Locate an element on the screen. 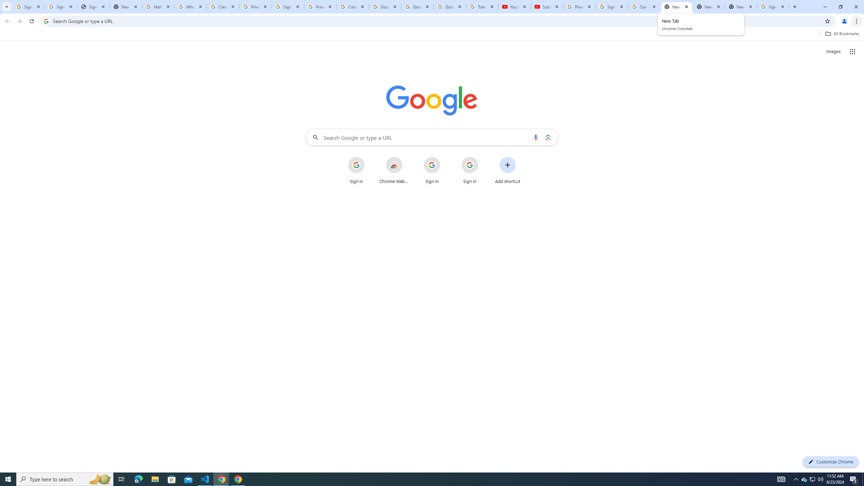  'Who is my administrator? - Google Account Help' is located at coordinates (190, 6).